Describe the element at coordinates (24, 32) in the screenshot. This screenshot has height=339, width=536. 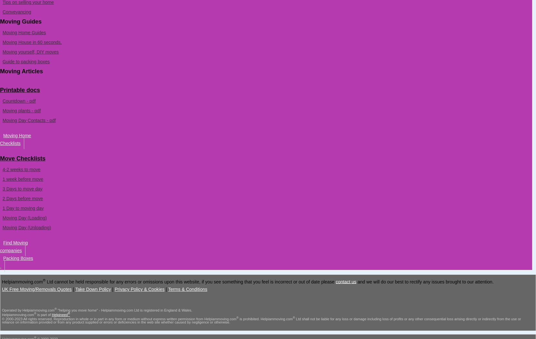
I see `'Moving Home Guides'` at that location.